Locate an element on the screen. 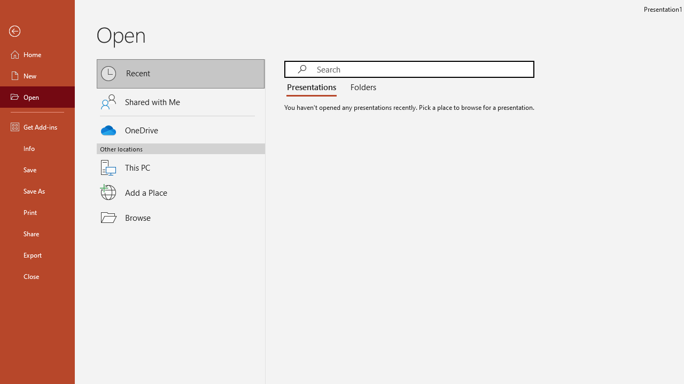  'Presentations' is located at coordinates (313, 87).